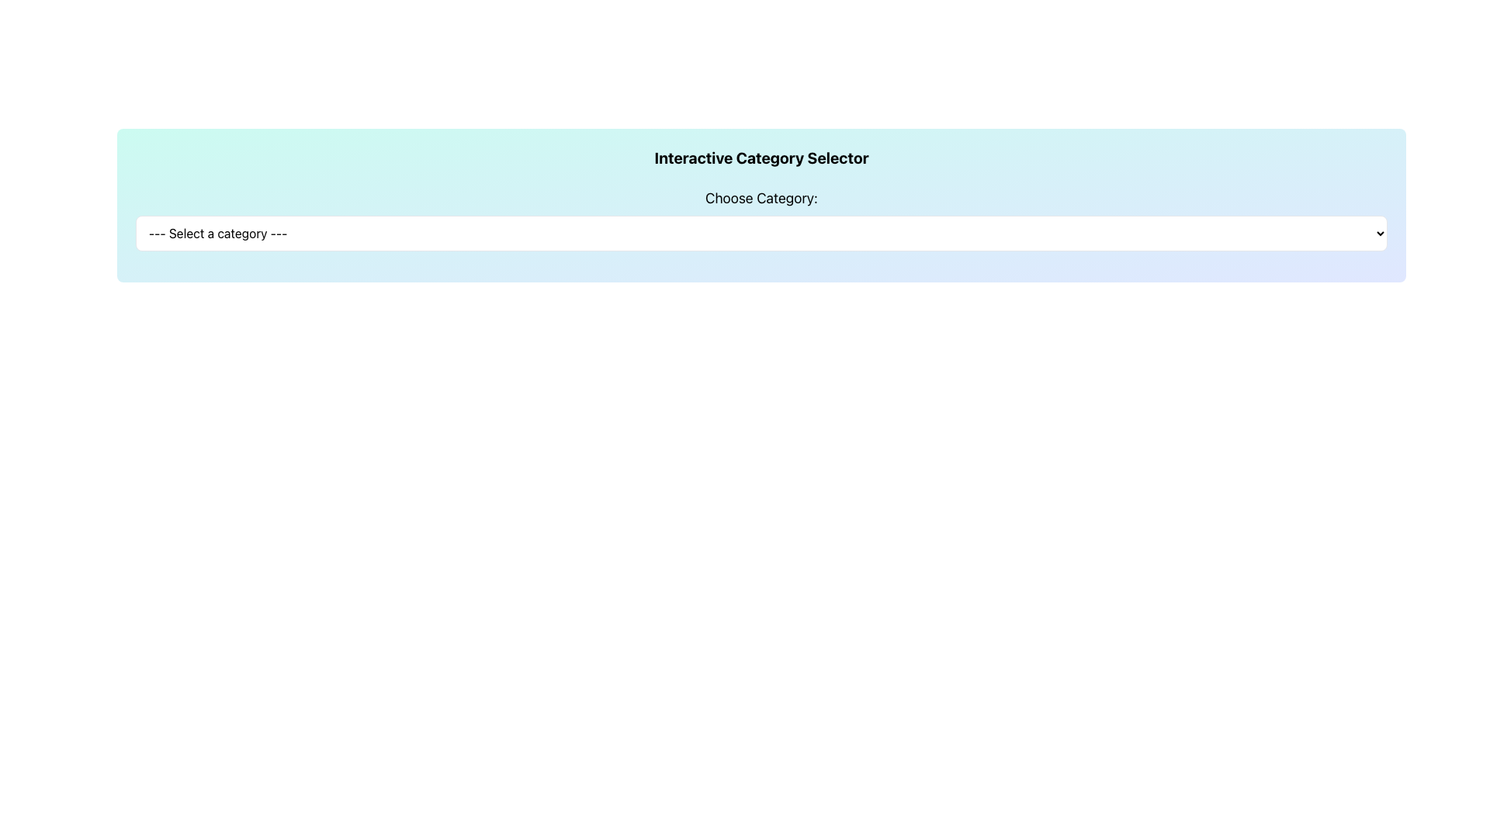  I want to click on the text label that instructs the user to select a category, positioned above the dropdown menu, so click(761, 197).